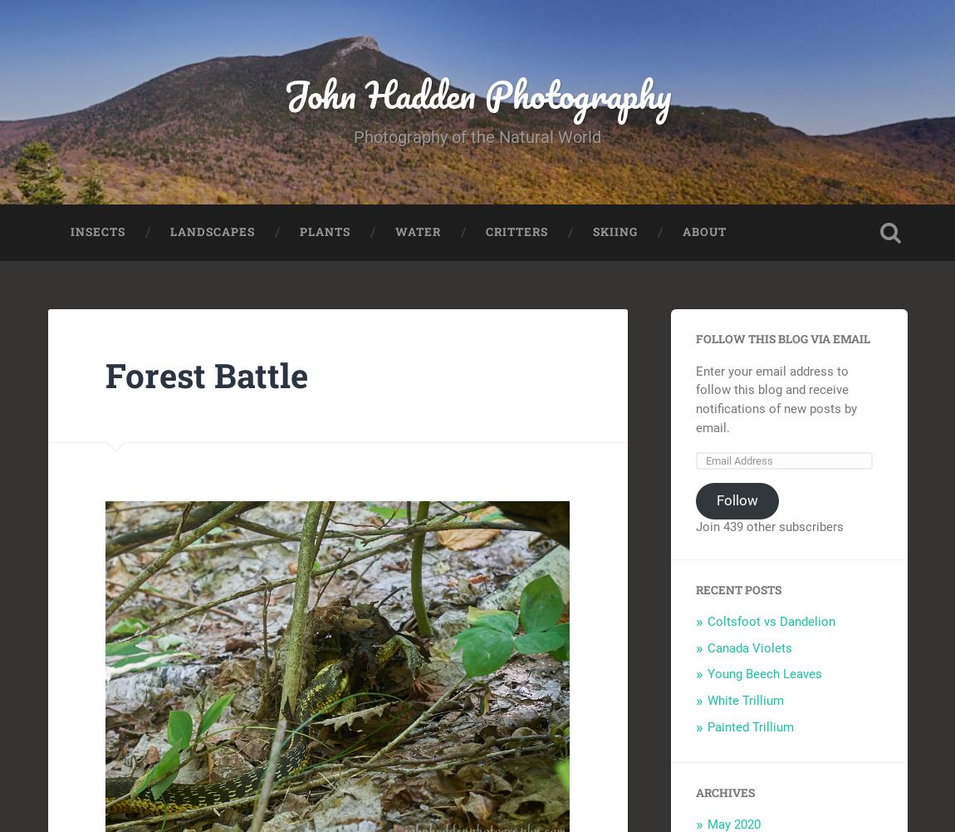 This screenshot has height=832, width=955. What do you see at coordinates (724, 791) in the screenshot?
I see `'Archives'` at bounding box center [724, 791].